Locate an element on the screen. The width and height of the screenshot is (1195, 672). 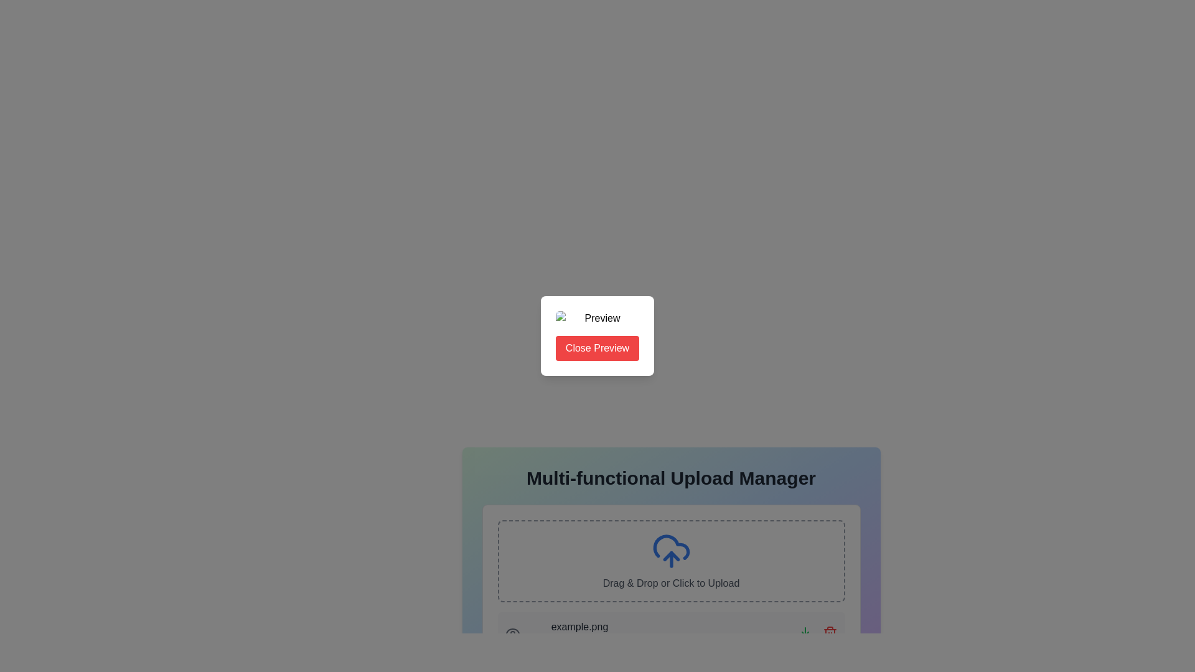
instructions provided by the text label located at the lower center of the upload area, beneath the cloud upload icon is located at coordinates (670, 583).